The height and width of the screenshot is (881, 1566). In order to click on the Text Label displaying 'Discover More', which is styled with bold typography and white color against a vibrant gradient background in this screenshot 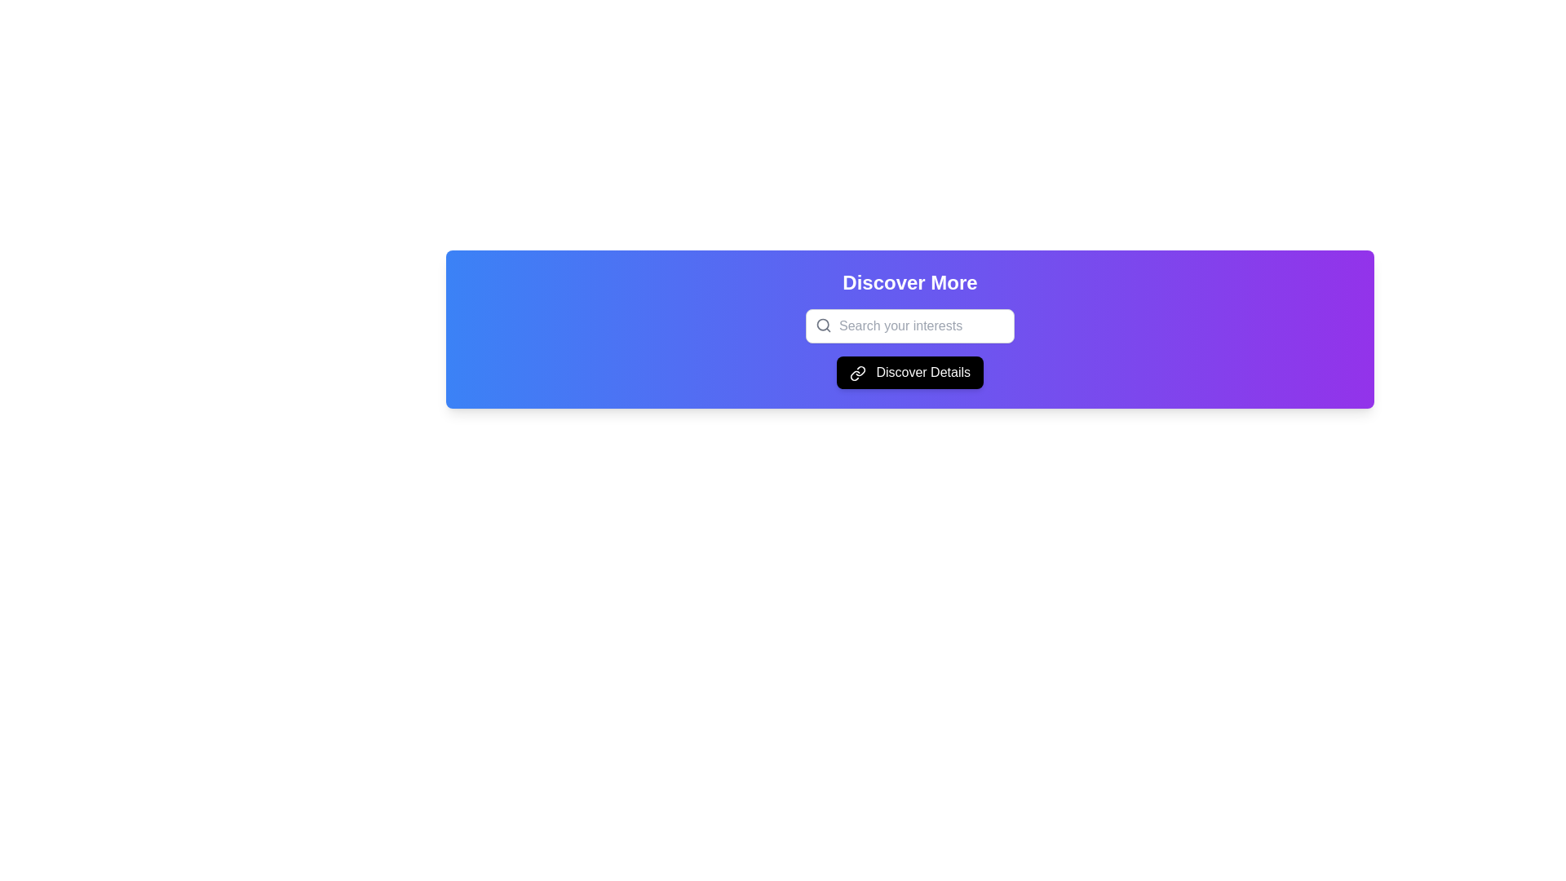, I will do `click(909, 282)`.